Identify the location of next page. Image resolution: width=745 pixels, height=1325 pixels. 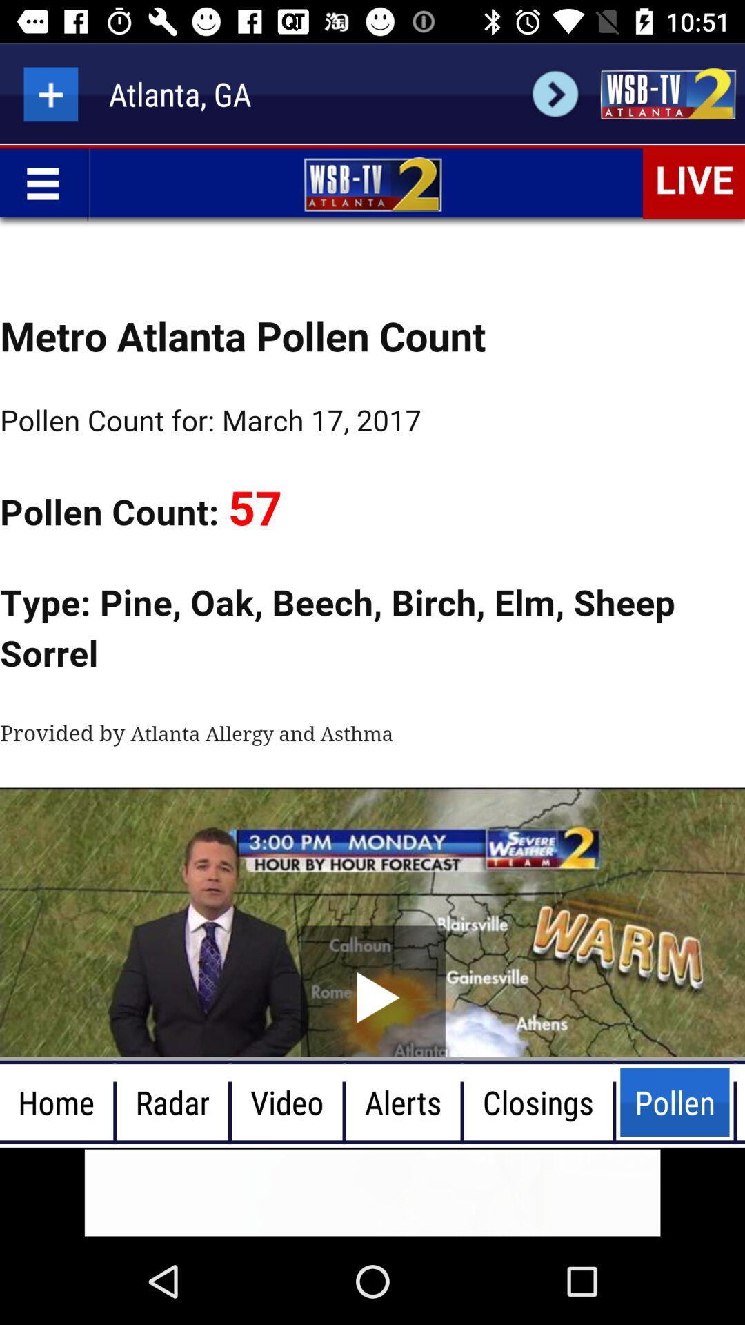
(555, 93).